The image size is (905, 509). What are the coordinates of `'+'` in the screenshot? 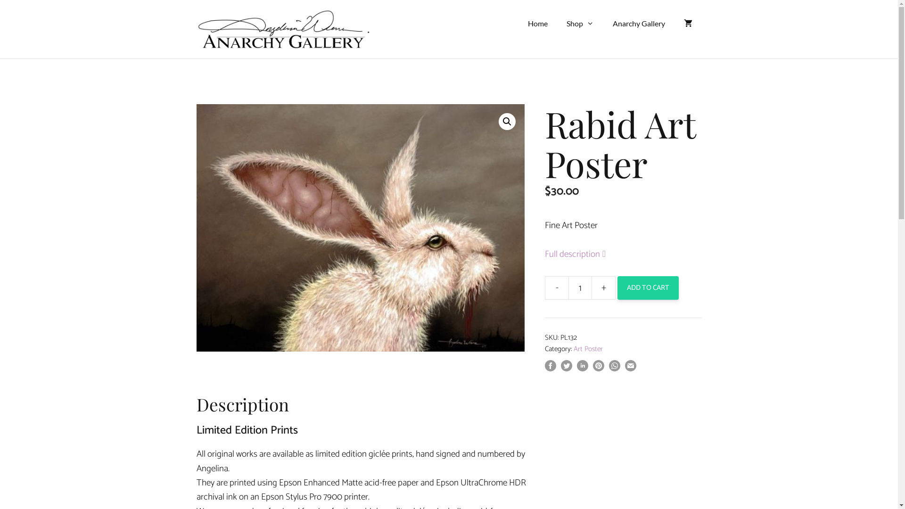 It's located at (604, 287).